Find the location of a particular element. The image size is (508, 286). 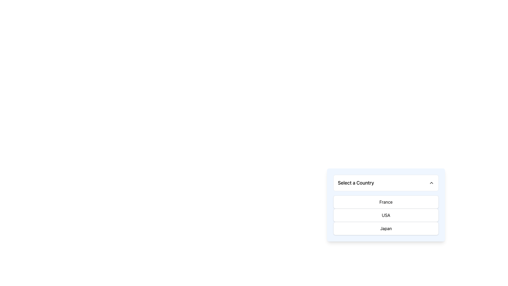

the text label displaying 'USA' is located at coordinates (386, 215).